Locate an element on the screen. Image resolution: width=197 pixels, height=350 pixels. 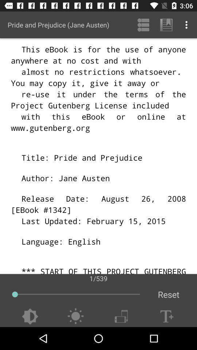
darken is located at coordinates (30, 316).